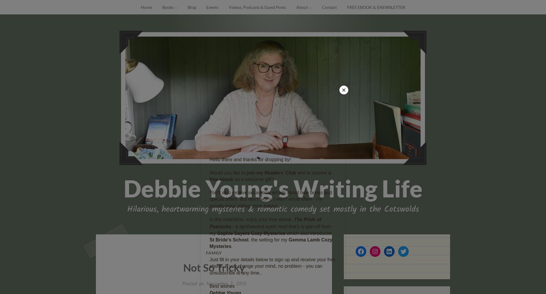 This screenshot has width=546, height=294. What do you see at coordinates (273, 209) in the screenshot?
I see `'Hilarious, heartwarming mysteries & romantic comedy set mostly in the Cotswolds'` at bounding box center [273, 209].